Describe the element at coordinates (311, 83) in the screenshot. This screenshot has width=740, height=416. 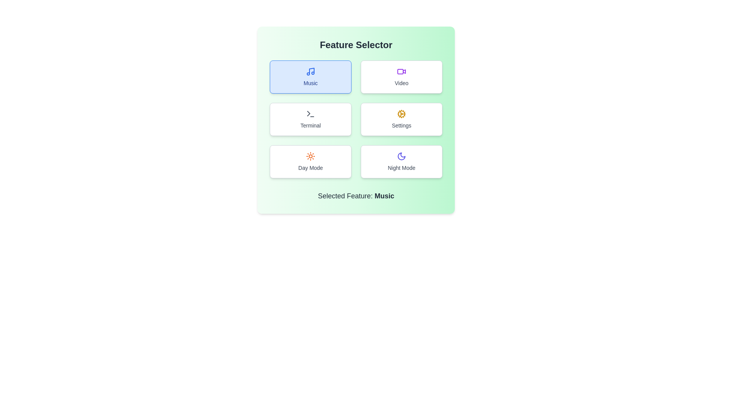
I see `the 'Music' text label, which is styled with a blue font and located in the top-left box of the 'Feature Selector' grid layout` at that location.